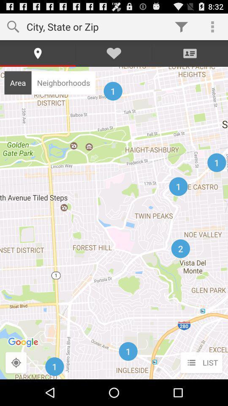 The height and width of the screenshot is (406, 228). Describe the element at coordinates (16, 362) in the screenshot. I see `showa the view icon` at that location.